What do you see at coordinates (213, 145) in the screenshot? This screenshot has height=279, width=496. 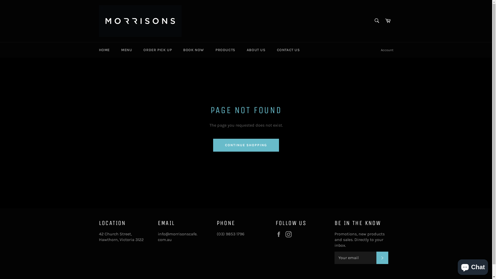 I see `'CONTINUE SHOPPING'` at bounding box center [213, 145].